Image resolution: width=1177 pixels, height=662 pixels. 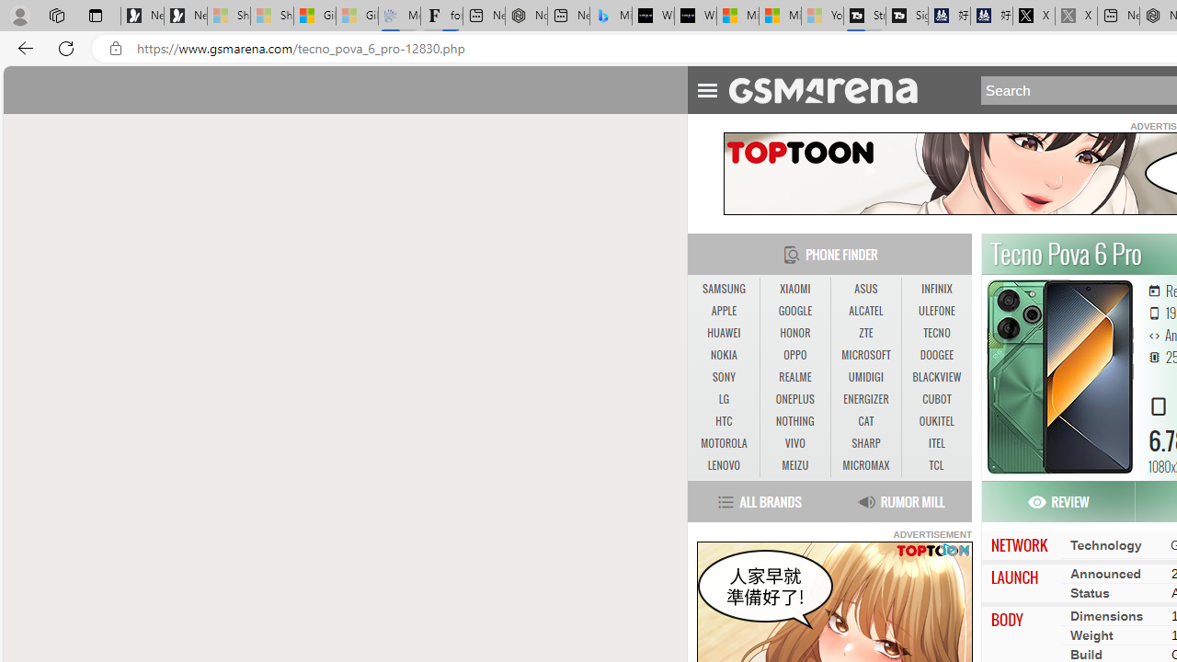 I want to click on 'Class: privacy_out', so click(x=948, y=548).